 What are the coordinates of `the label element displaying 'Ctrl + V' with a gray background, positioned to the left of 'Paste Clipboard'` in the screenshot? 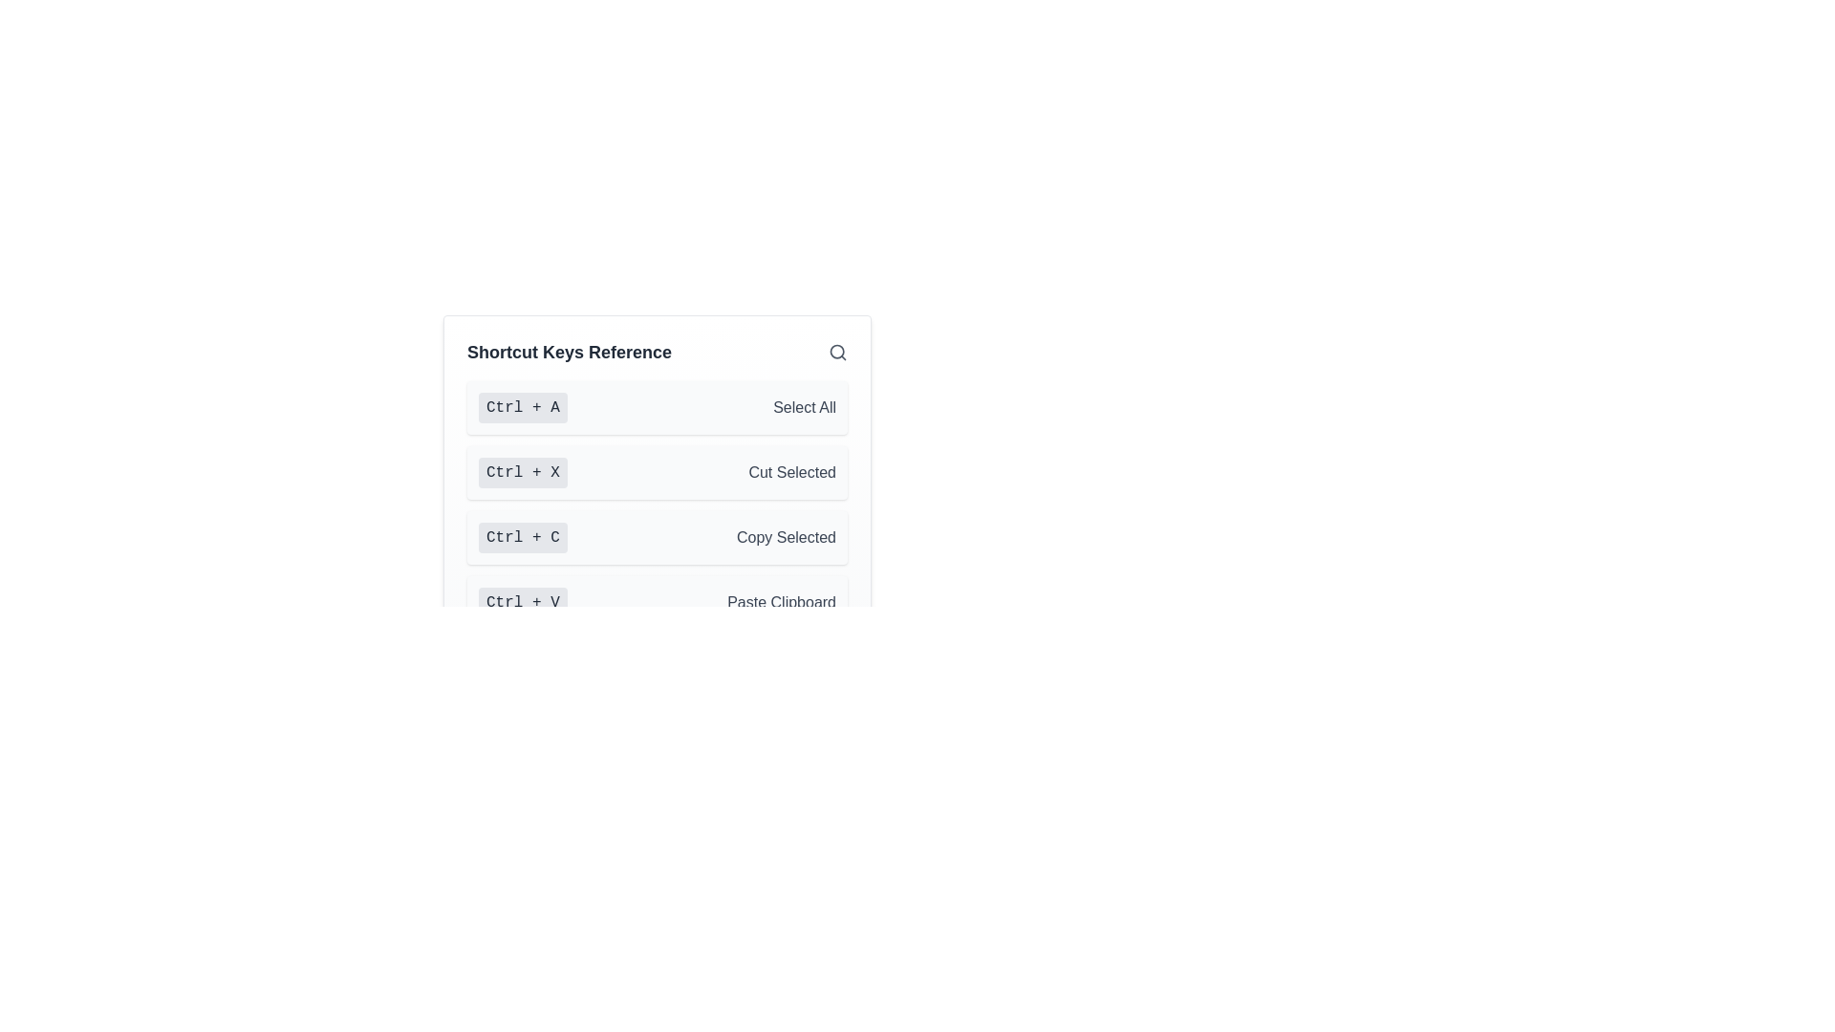 It's located at (523, 603).